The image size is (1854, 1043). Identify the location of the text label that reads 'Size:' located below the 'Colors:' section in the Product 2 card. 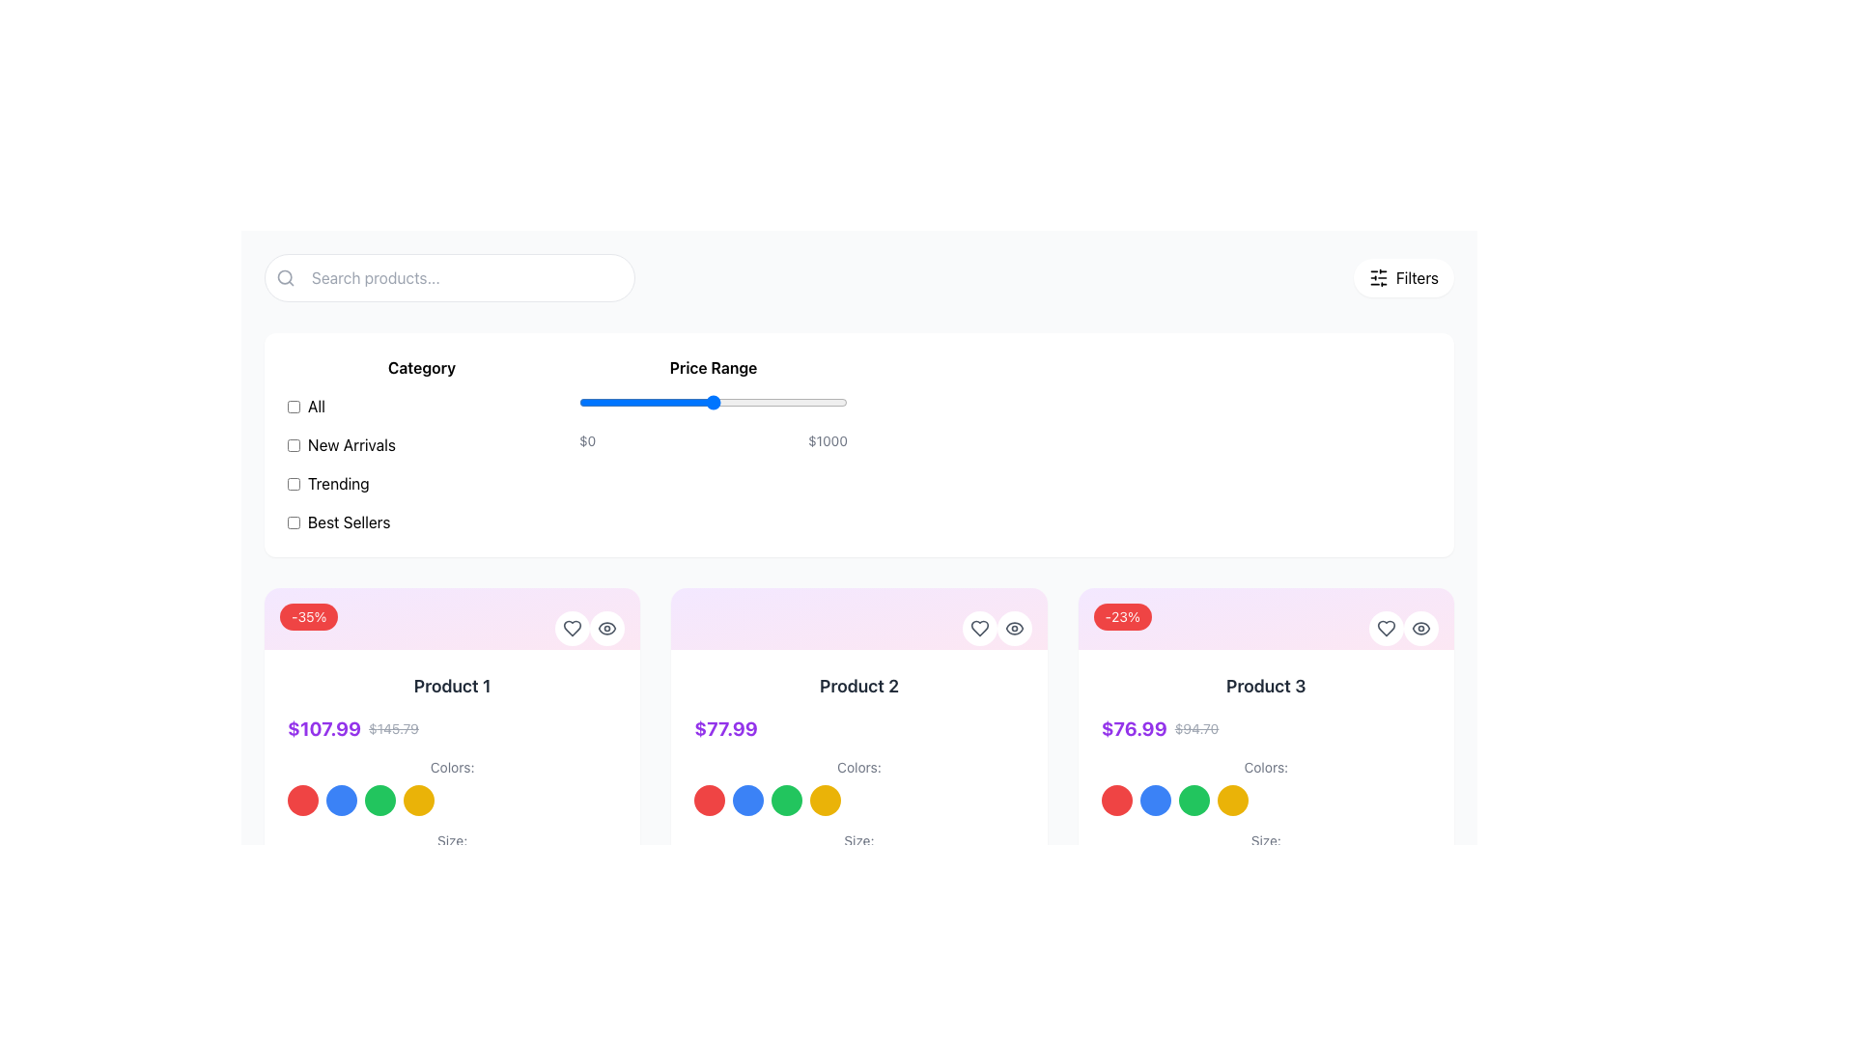
(857, 840).